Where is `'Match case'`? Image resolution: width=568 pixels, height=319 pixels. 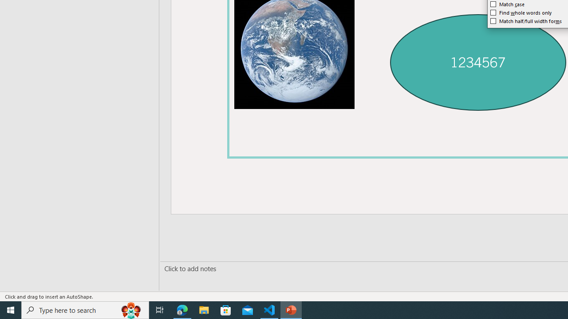 'Match case' is located at coordinates (508, 4).